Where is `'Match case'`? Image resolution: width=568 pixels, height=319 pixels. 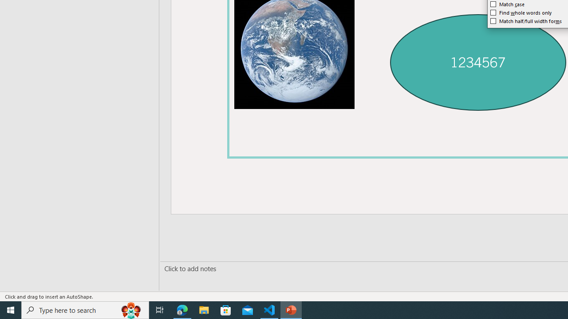 'Match case' is located at coordinates (508, 4).